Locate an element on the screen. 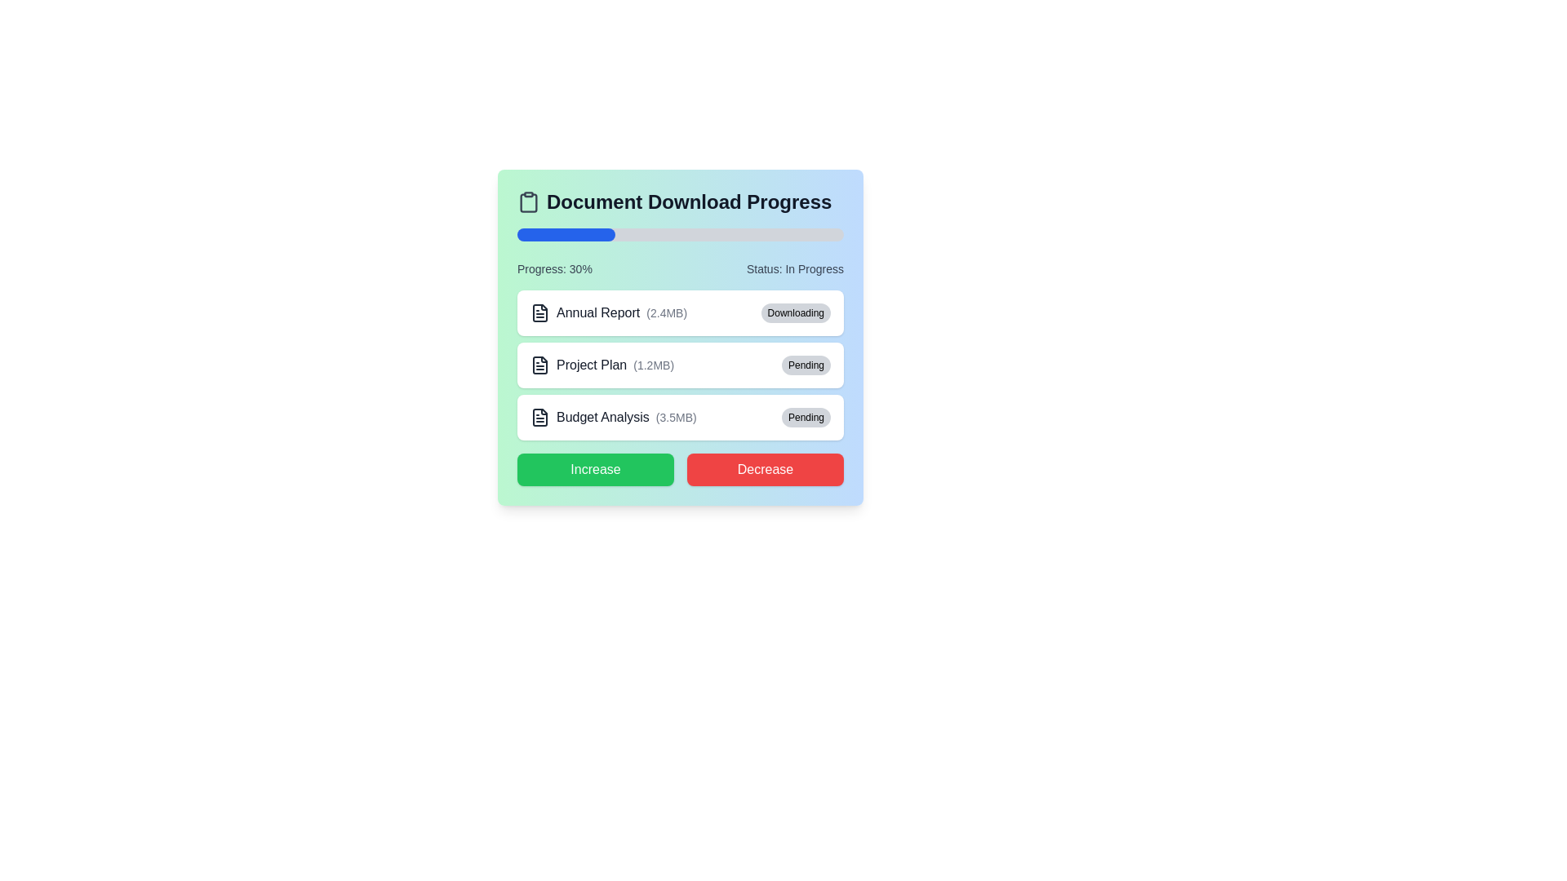 The image size is (1567, 881). the progress bar indicating 30% completion in the 'Document Download Progress' section is located at coordinates (681, 235).